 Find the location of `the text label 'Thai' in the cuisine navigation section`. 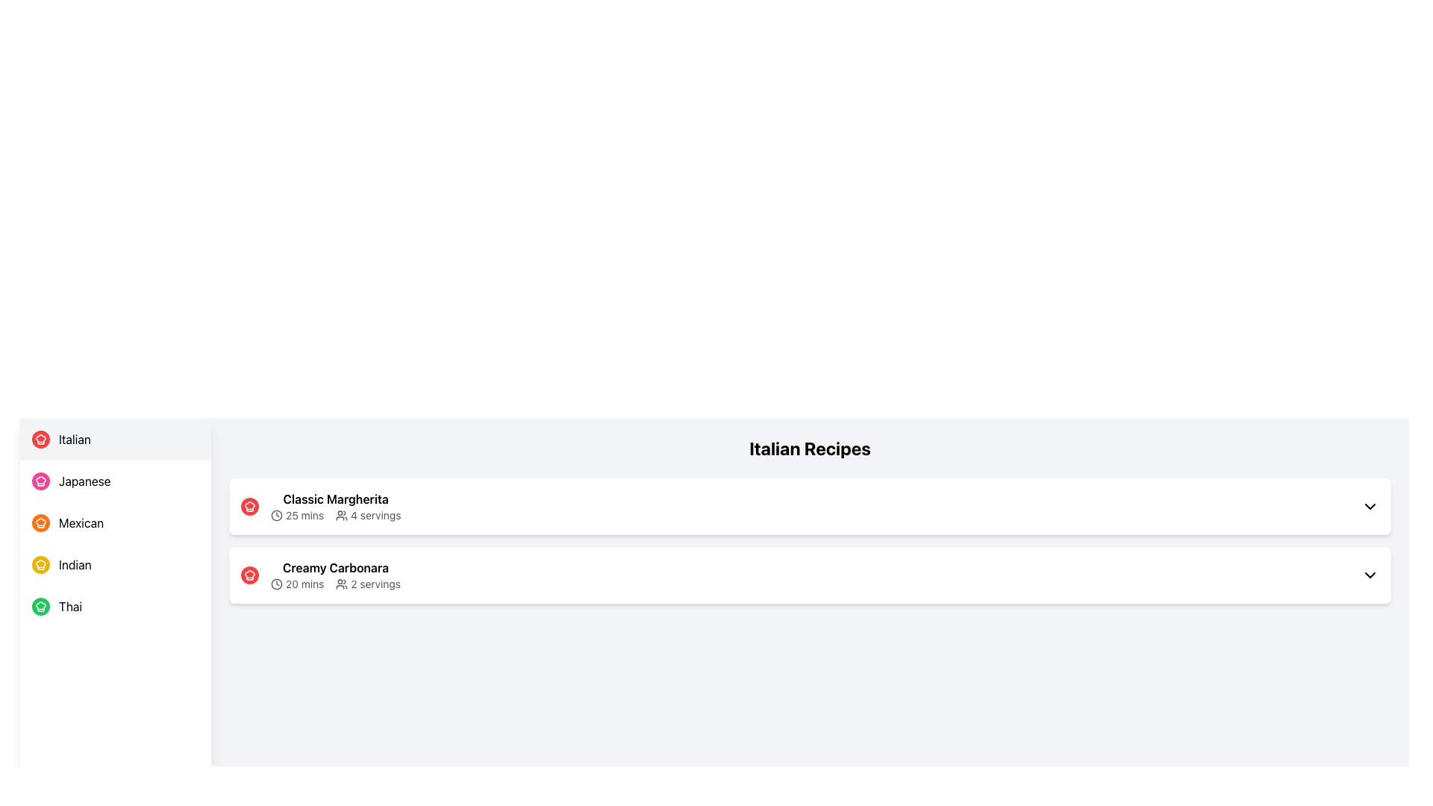

the text label 'Thai' in the cuisine navigation section is located at coordinates (69, 607).